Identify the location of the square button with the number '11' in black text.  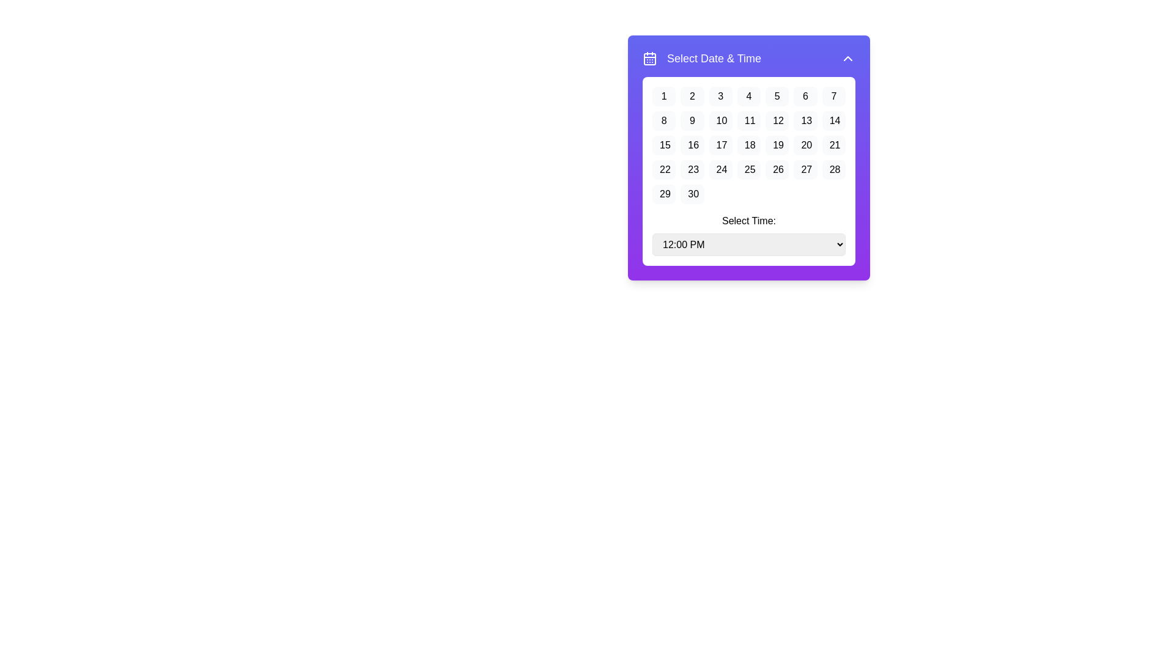
(748, 120).